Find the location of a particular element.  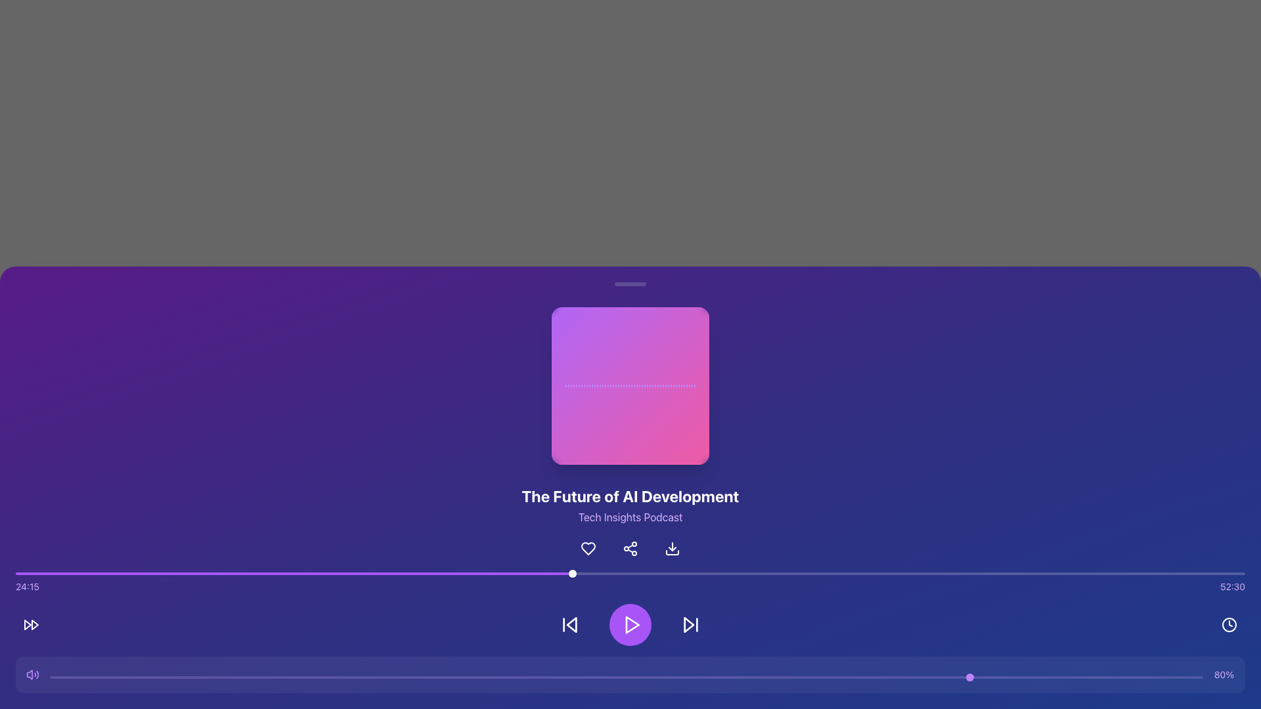

the slider position is located at coordinates (937, 677).